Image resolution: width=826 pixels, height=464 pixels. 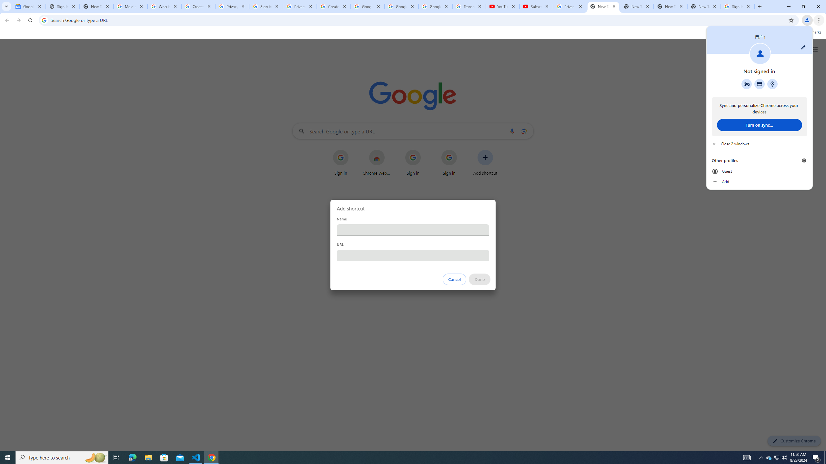 What do you see at coordinates (759, 144) in the screenshot?
I see `'Close 2 windows'` at bounding box center [759, 144].